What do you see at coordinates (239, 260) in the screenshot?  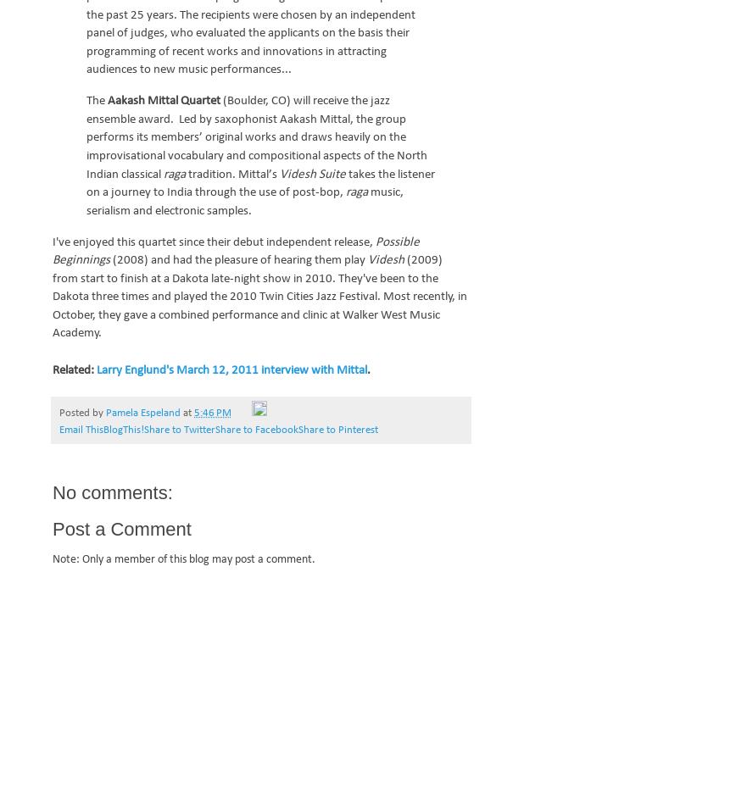 I see `'(2008) and had the pleasure of hearing them play'` at bounding box center [239, 260].